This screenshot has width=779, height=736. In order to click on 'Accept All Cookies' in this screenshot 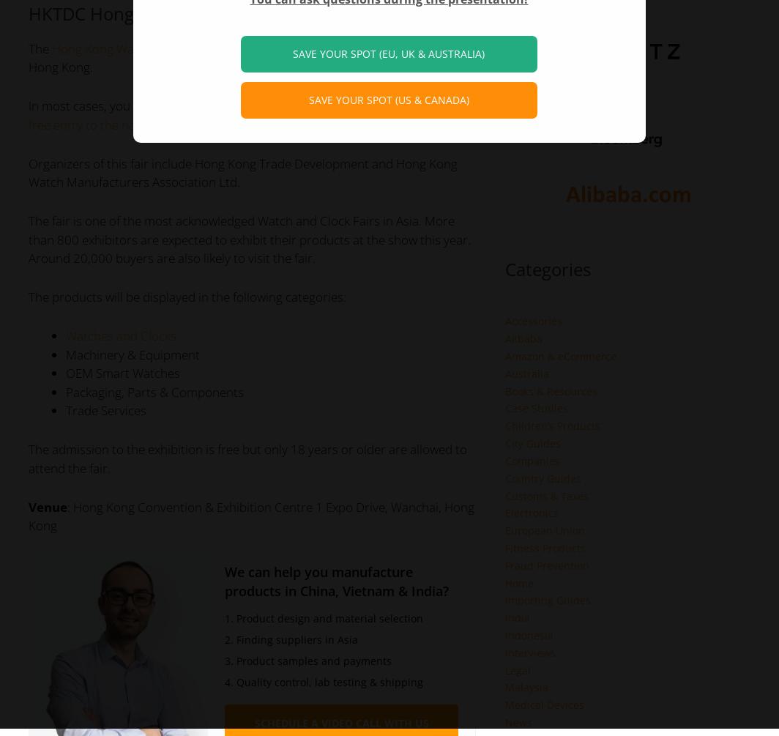, I will do `click(398, 36)`.